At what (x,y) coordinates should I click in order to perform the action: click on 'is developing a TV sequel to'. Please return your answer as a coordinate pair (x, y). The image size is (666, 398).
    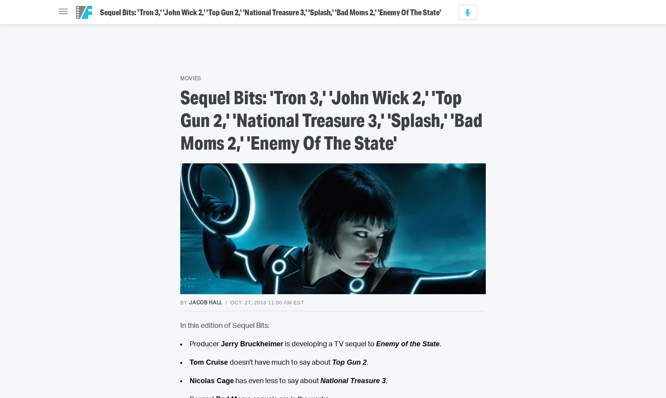
    Looking at the image, I should click on (283, 344).